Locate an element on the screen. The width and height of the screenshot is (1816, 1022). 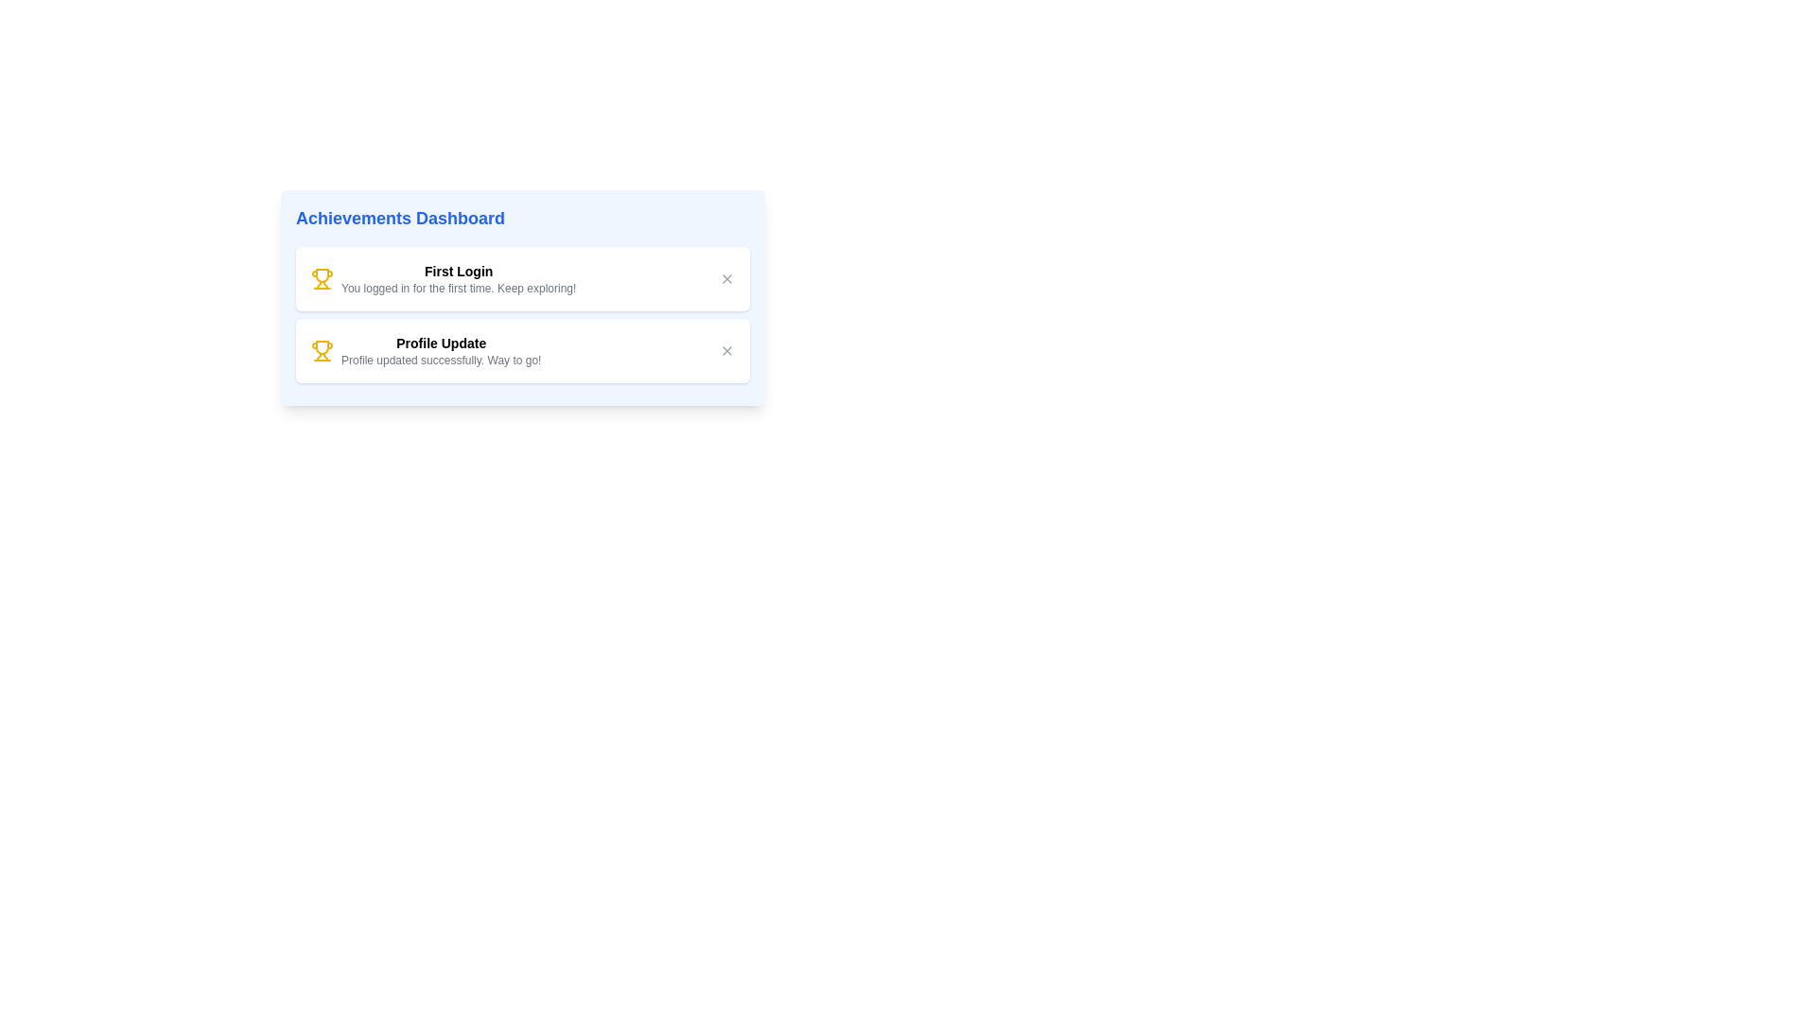
feedback text label indicating the successful completion of the 'Profile Update' achievement, located below the 'Profile Update' heading in the Achievements Dashboard is located at coordinates (440, 361).